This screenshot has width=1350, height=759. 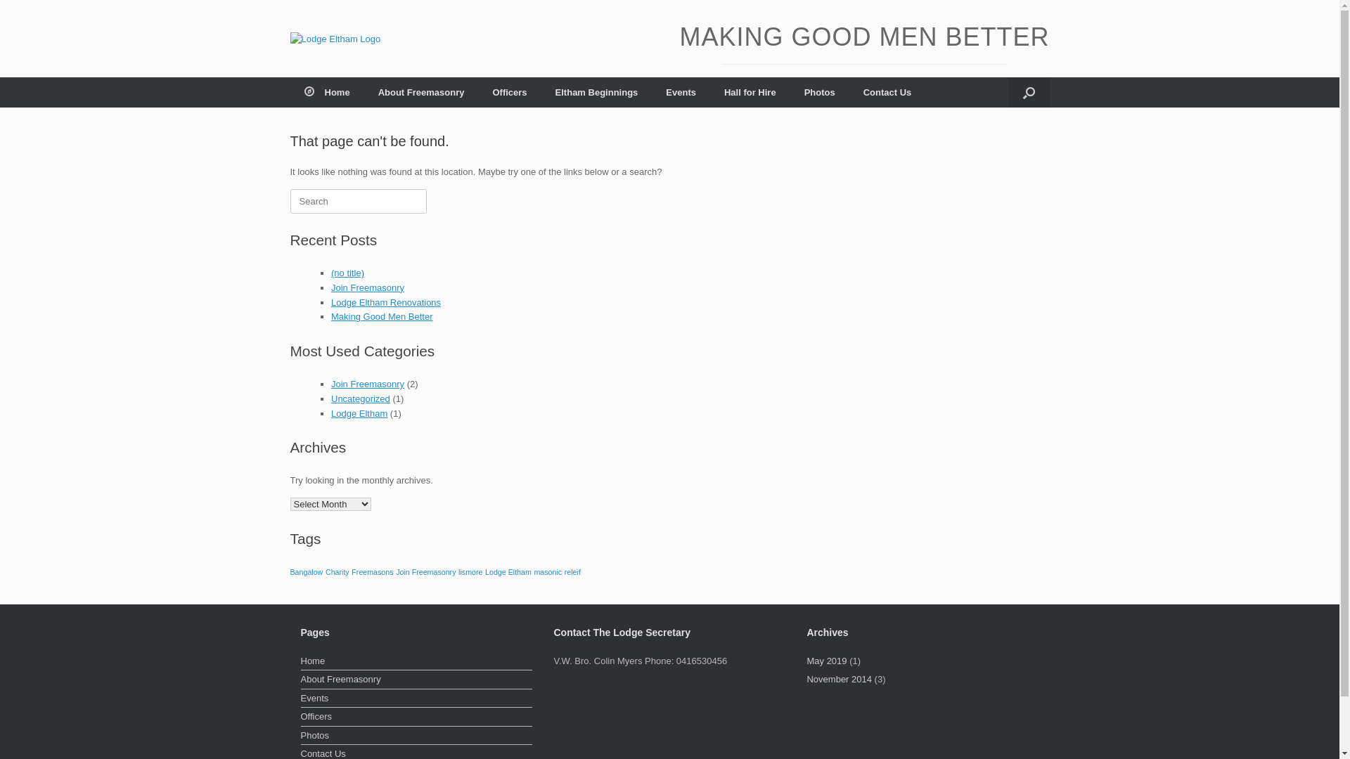 What do you see at coordinates (385, 301) in the screenshot?
I see `'Lodge Eltham Renovations'` at bounding box center [385, 301].